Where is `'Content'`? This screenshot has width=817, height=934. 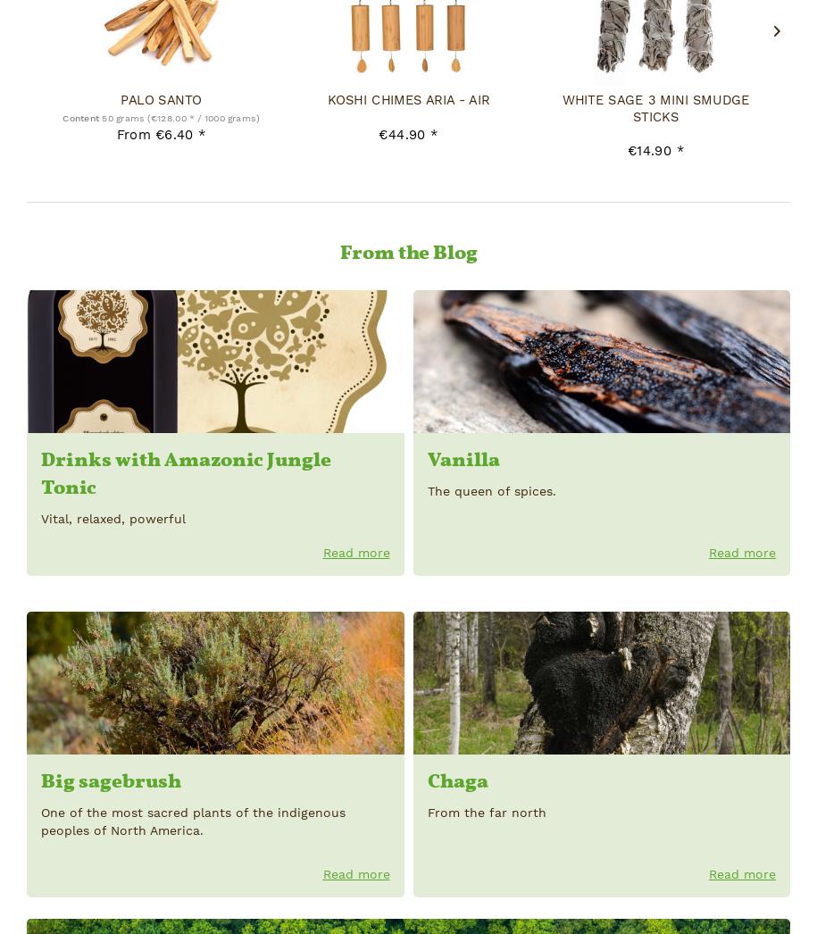 'Content' is located at coordinates (80, 117).